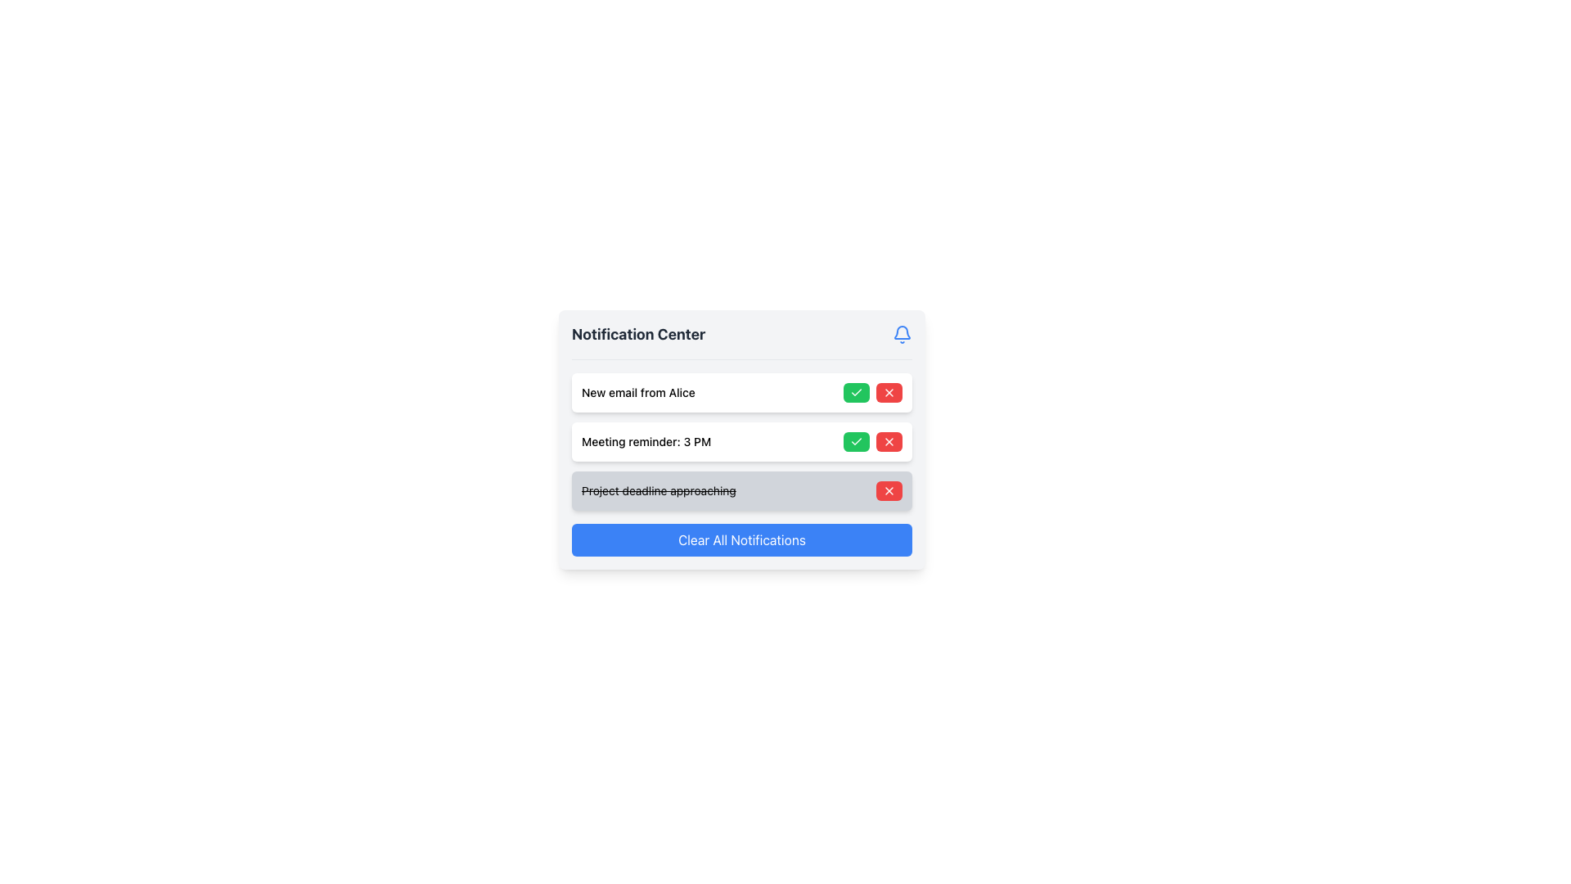  Describe the element at coordinates (888, 442) in the screenshot. I see `the red button with an 'X' icon, located to the right of the green 'check' button` at that location.